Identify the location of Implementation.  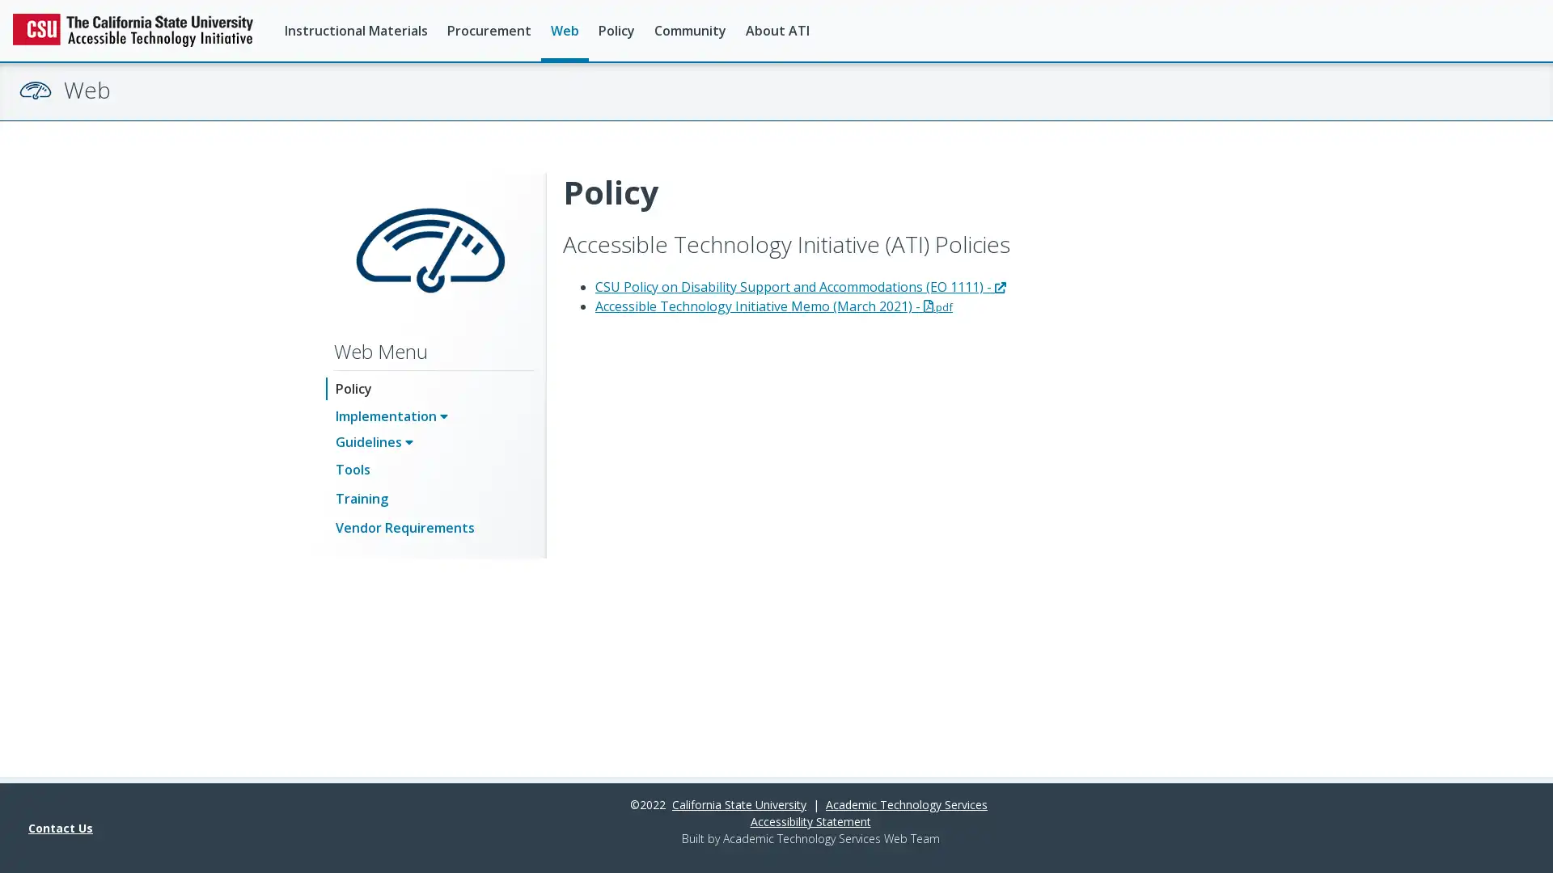
(391, 414).